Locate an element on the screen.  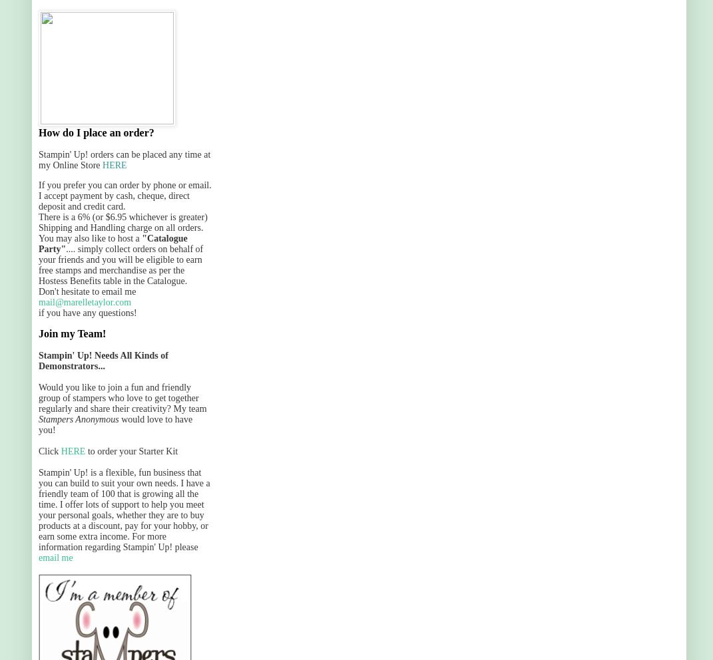
'Stampin' Up! Needs All Kinds of Demonstrators...' is located at coordinates (102, 361).